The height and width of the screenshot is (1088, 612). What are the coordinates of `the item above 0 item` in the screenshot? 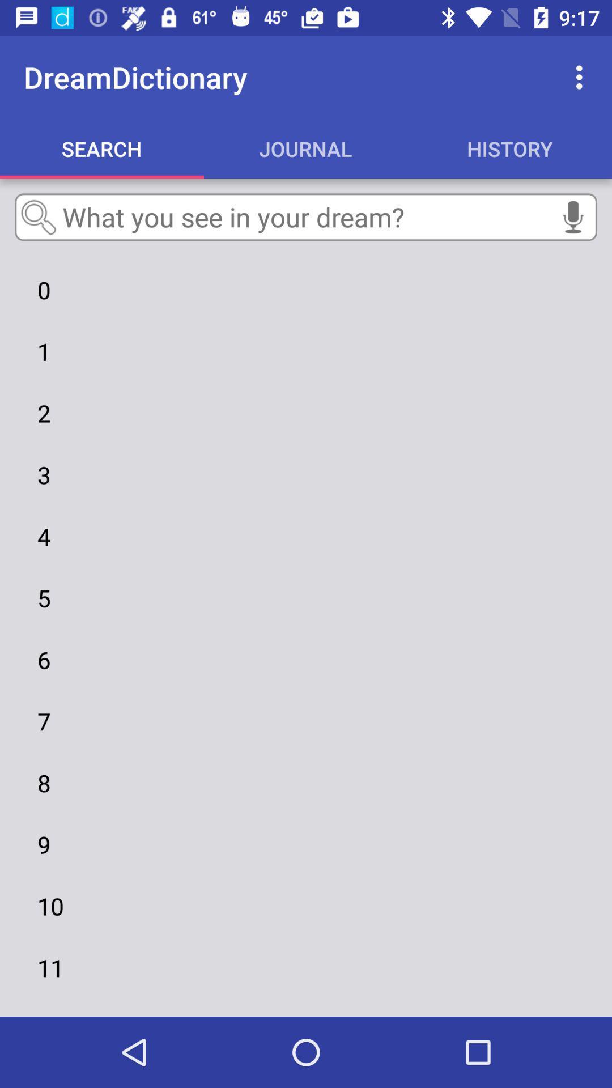 It's located at (306, 217).